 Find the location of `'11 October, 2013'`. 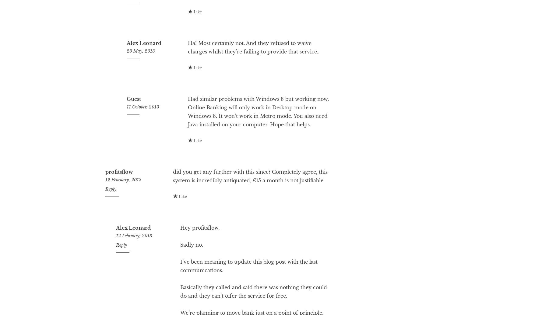

'11 October, 2013' is located at coordinates (126, 131).